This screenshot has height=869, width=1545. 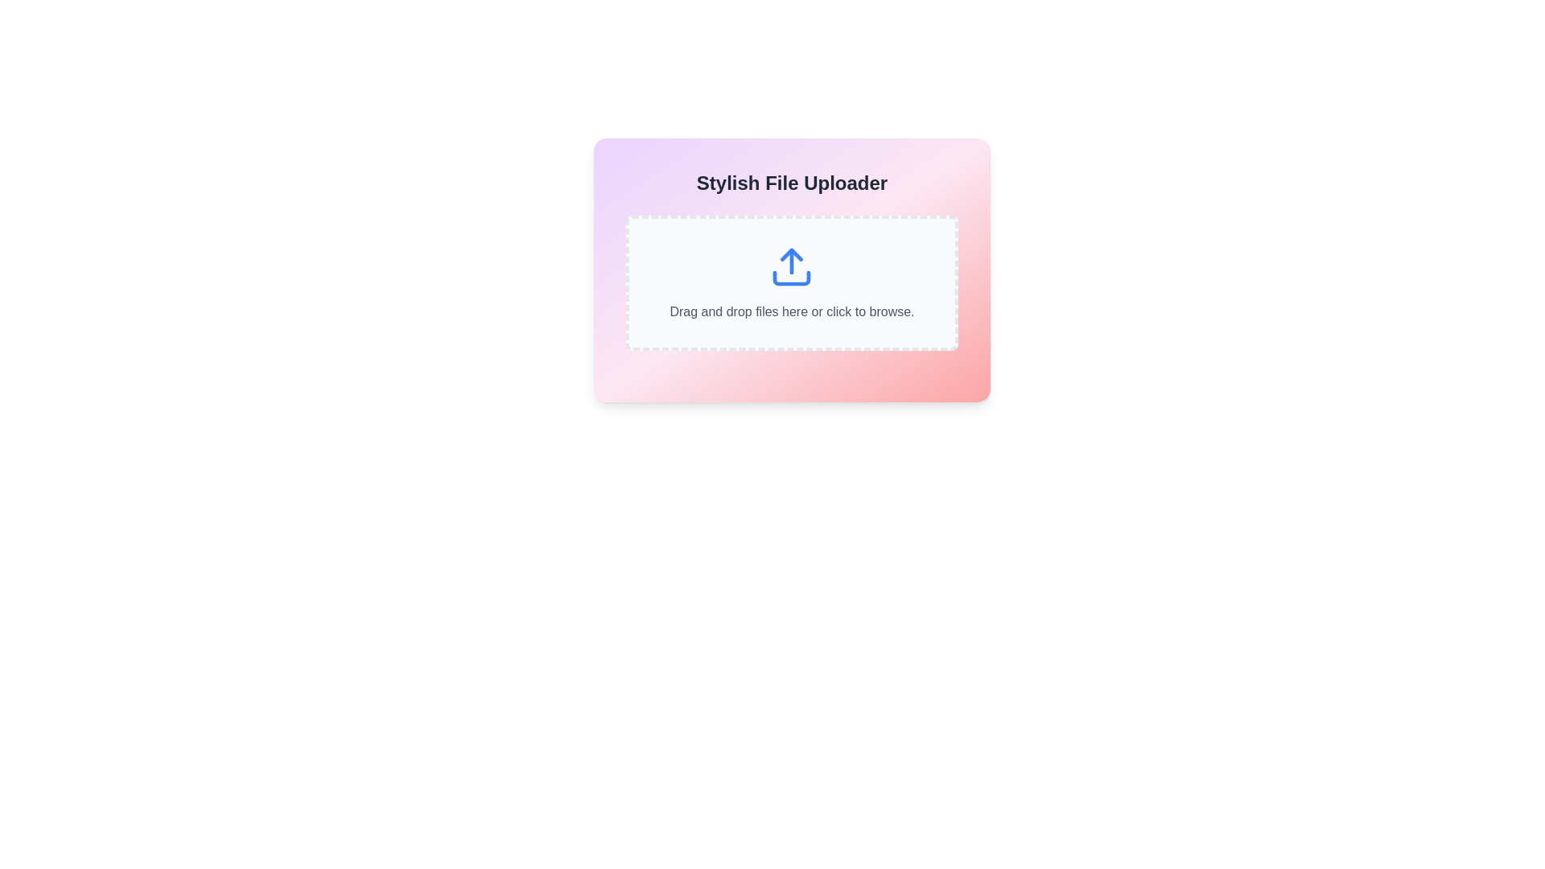 What do you see at coordinates (792, 266) in the screenshot?
I see `the file upload icon, which is centered within the rectangular UI component labeled 'Drag and drop files here or click to browse.'` at bounding box center [792, 266].